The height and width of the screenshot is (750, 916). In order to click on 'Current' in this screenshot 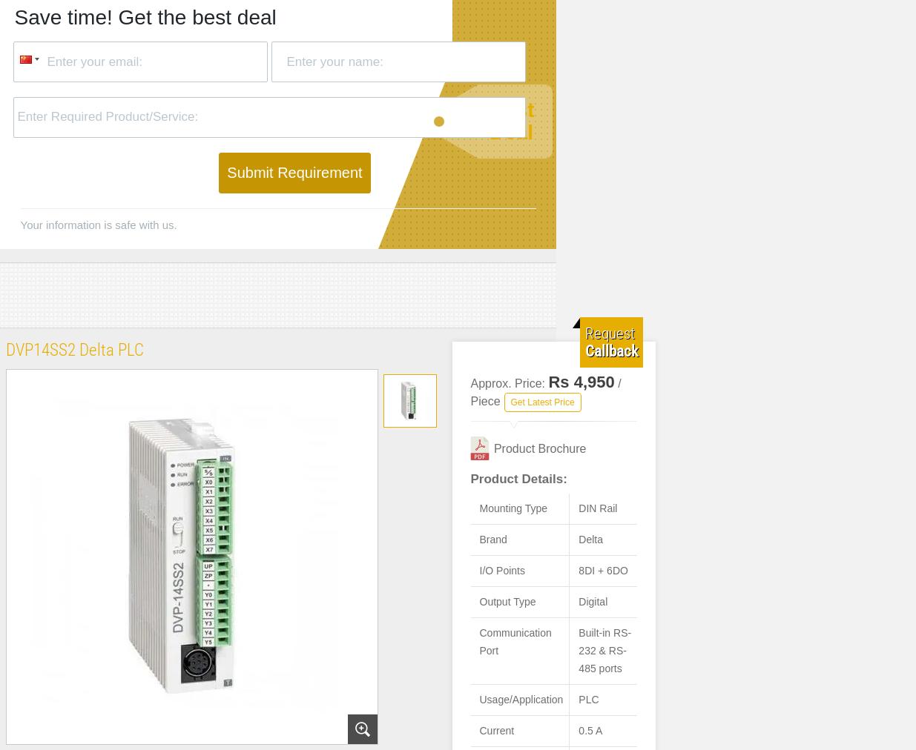, I will do `click(479, 730)`.